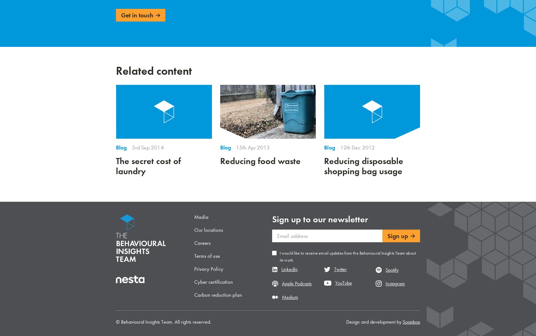 The width and height of the screenshot is (536, 336). Describe the element at coordinates (357, 148) in the screenshot. I see `'12th Dec 2012'` at that location.